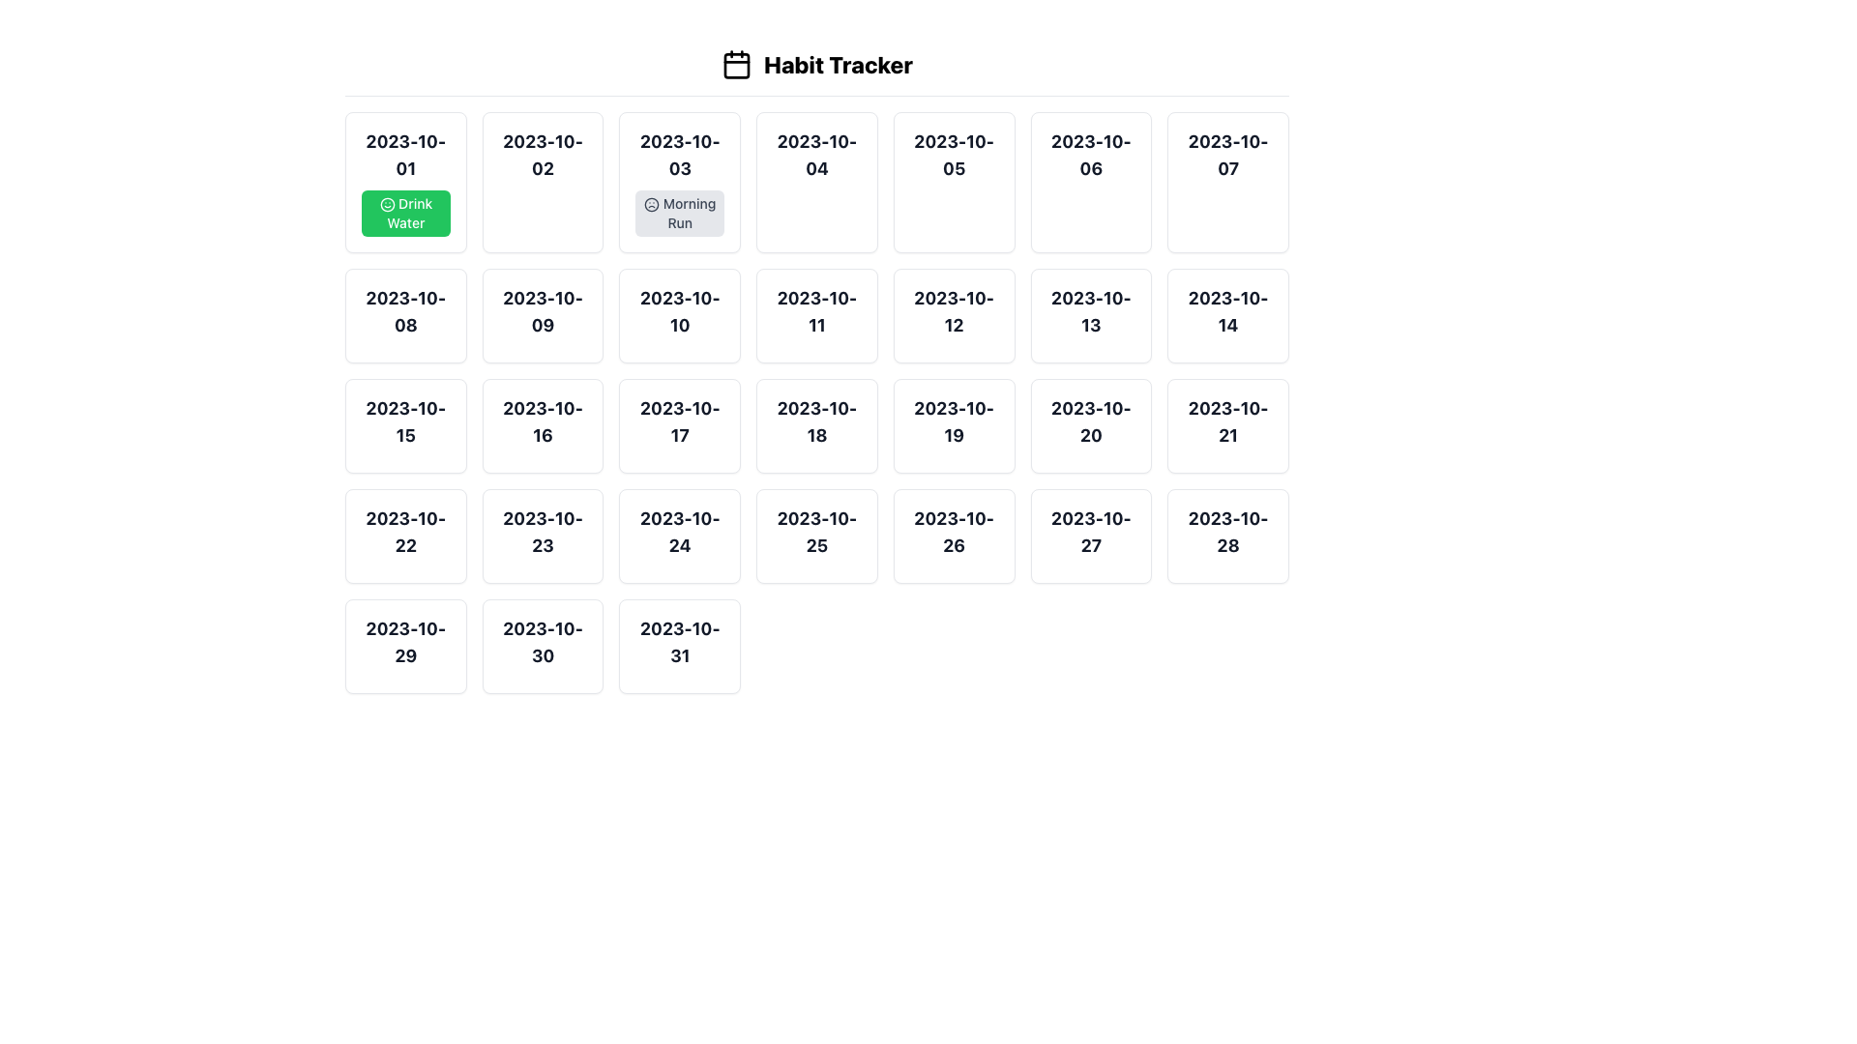 This screenshot has height=1044, width=1857. I want to click on date text displayed in the habit tracker interface, which is positioned second in a grid layout of dates, specifically located between '2023-10-15' and '2023-10-29', so click(404, 533).